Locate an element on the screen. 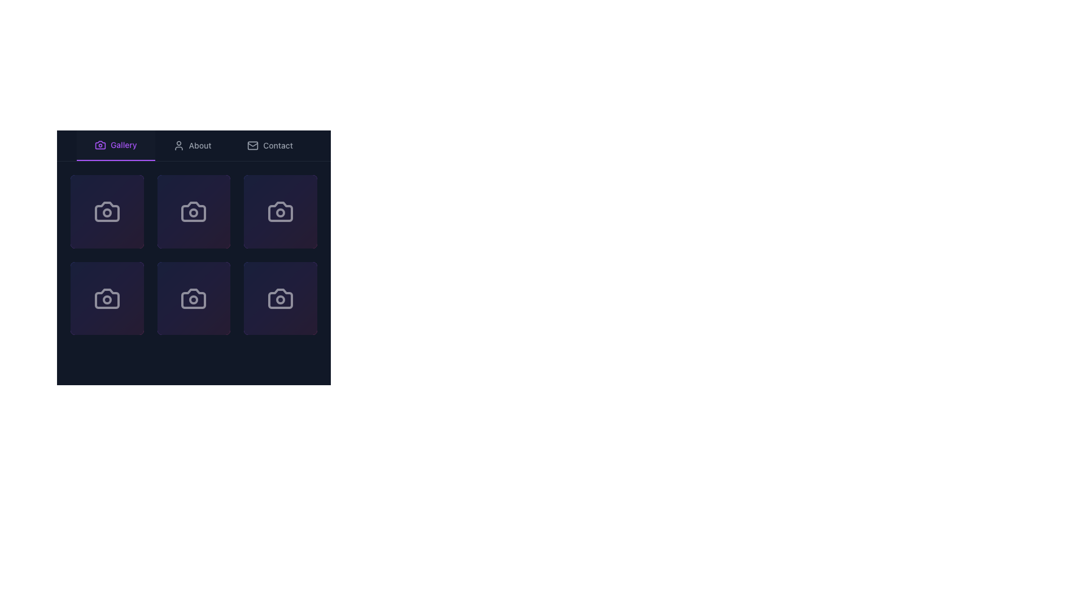 The height and width of the screenshot is (610, 1084). the second row, center column grid item in the gallery is located at coordinates (194, 255).